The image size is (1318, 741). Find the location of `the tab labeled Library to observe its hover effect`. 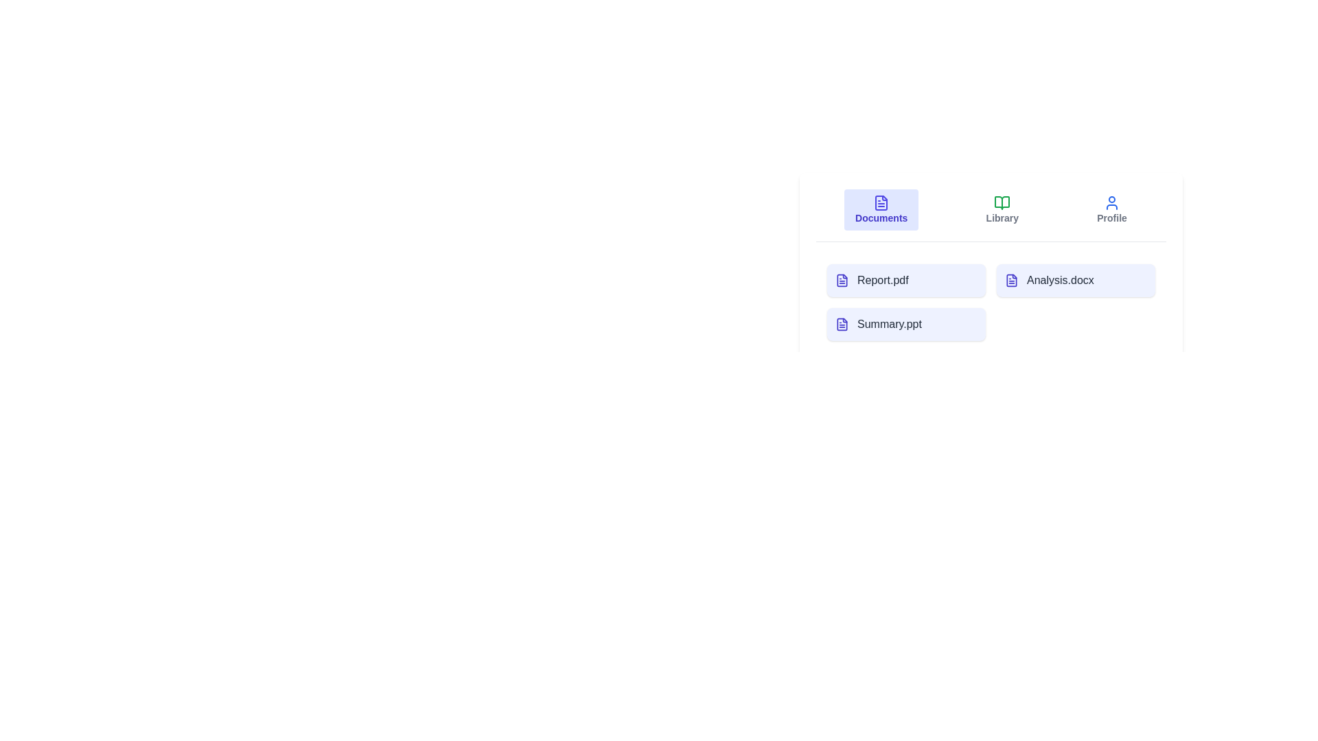

the tab labeled Library to observe its hover effect is located at coordinates (1002, 209).